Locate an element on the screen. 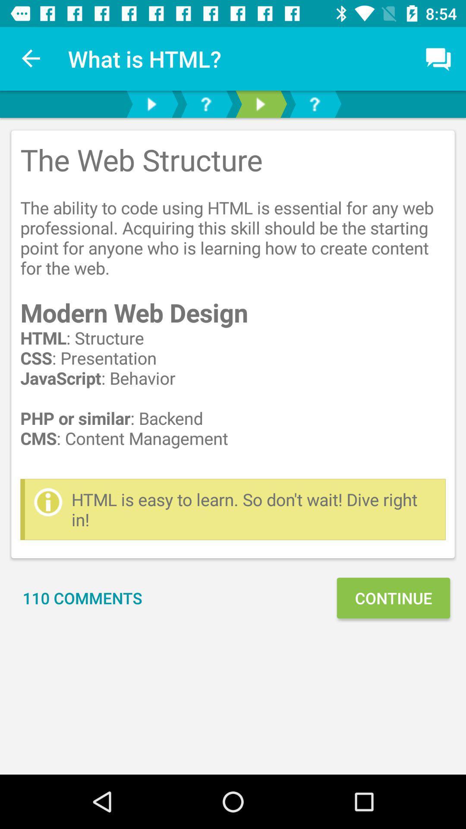 This screenshot has height=829, width=466. the help icon is located at coordinates (206, 104).